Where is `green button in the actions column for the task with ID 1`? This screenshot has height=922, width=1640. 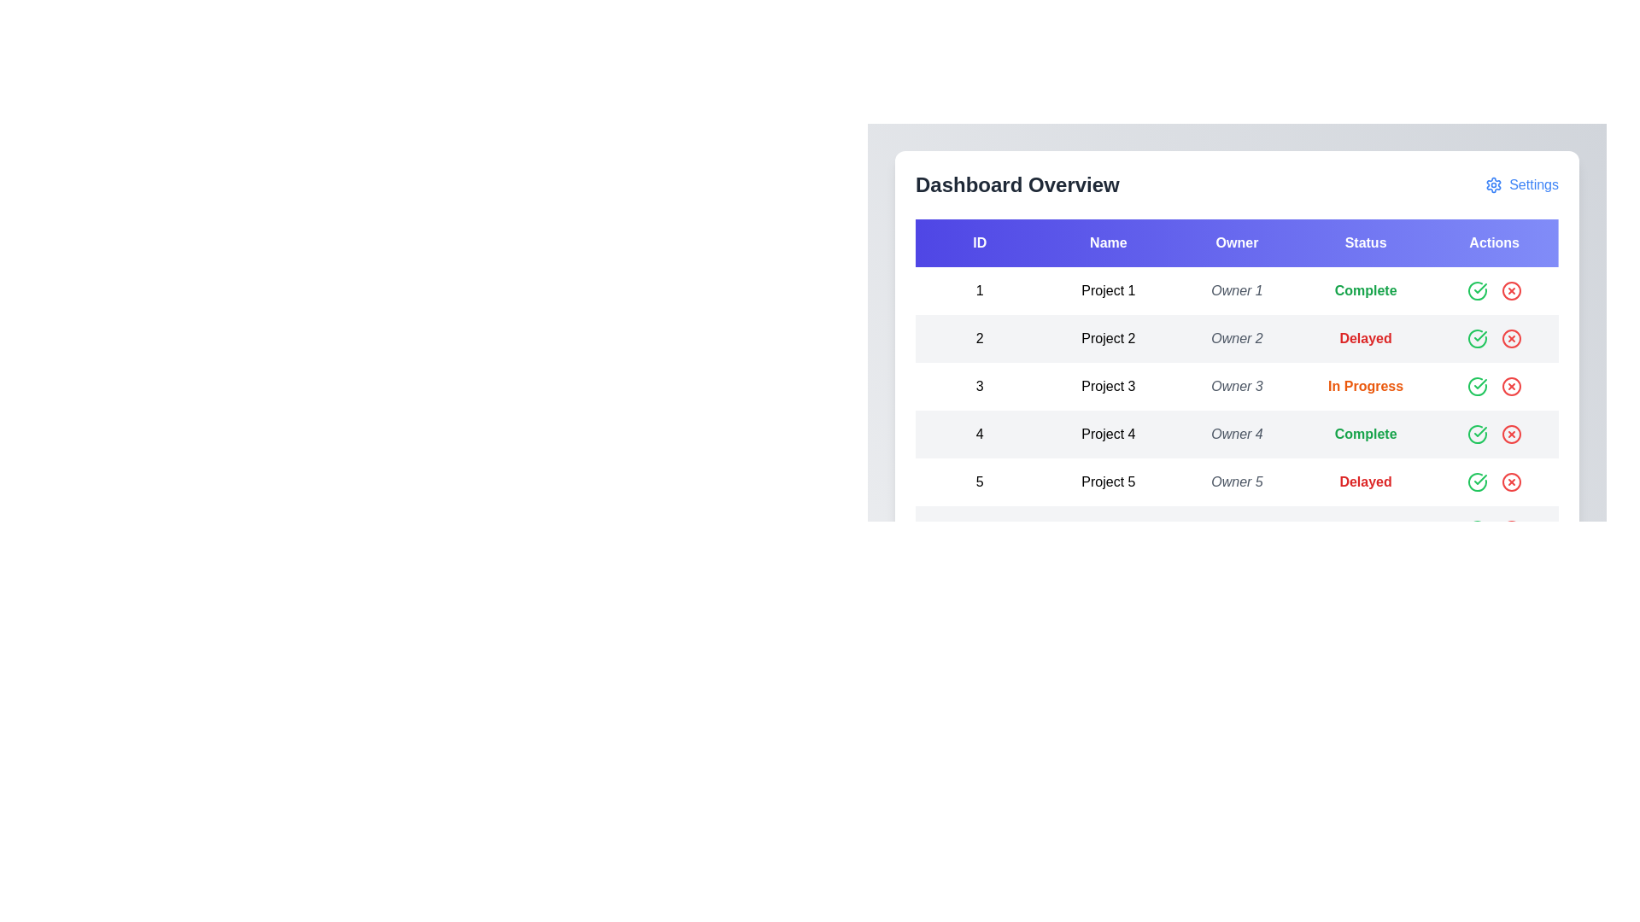 green button in the actions column for the task with ID 1 is located at coordinates (1476, 289).